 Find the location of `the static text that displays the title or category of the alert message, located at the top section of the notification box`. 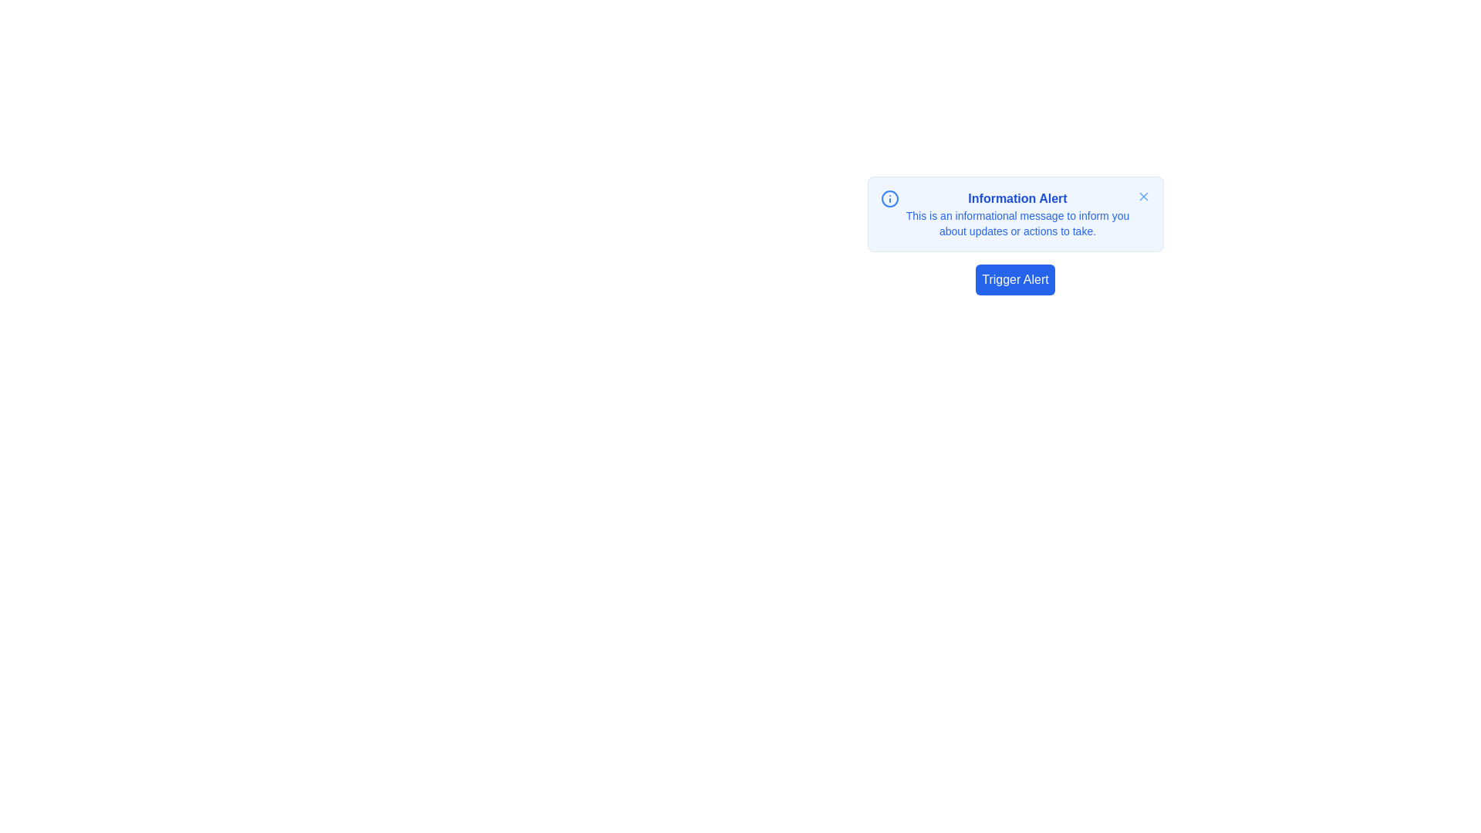

the static text that displays the title or category of the alert message, located at the top section of the notification box is located at coordinates (1017, 198).